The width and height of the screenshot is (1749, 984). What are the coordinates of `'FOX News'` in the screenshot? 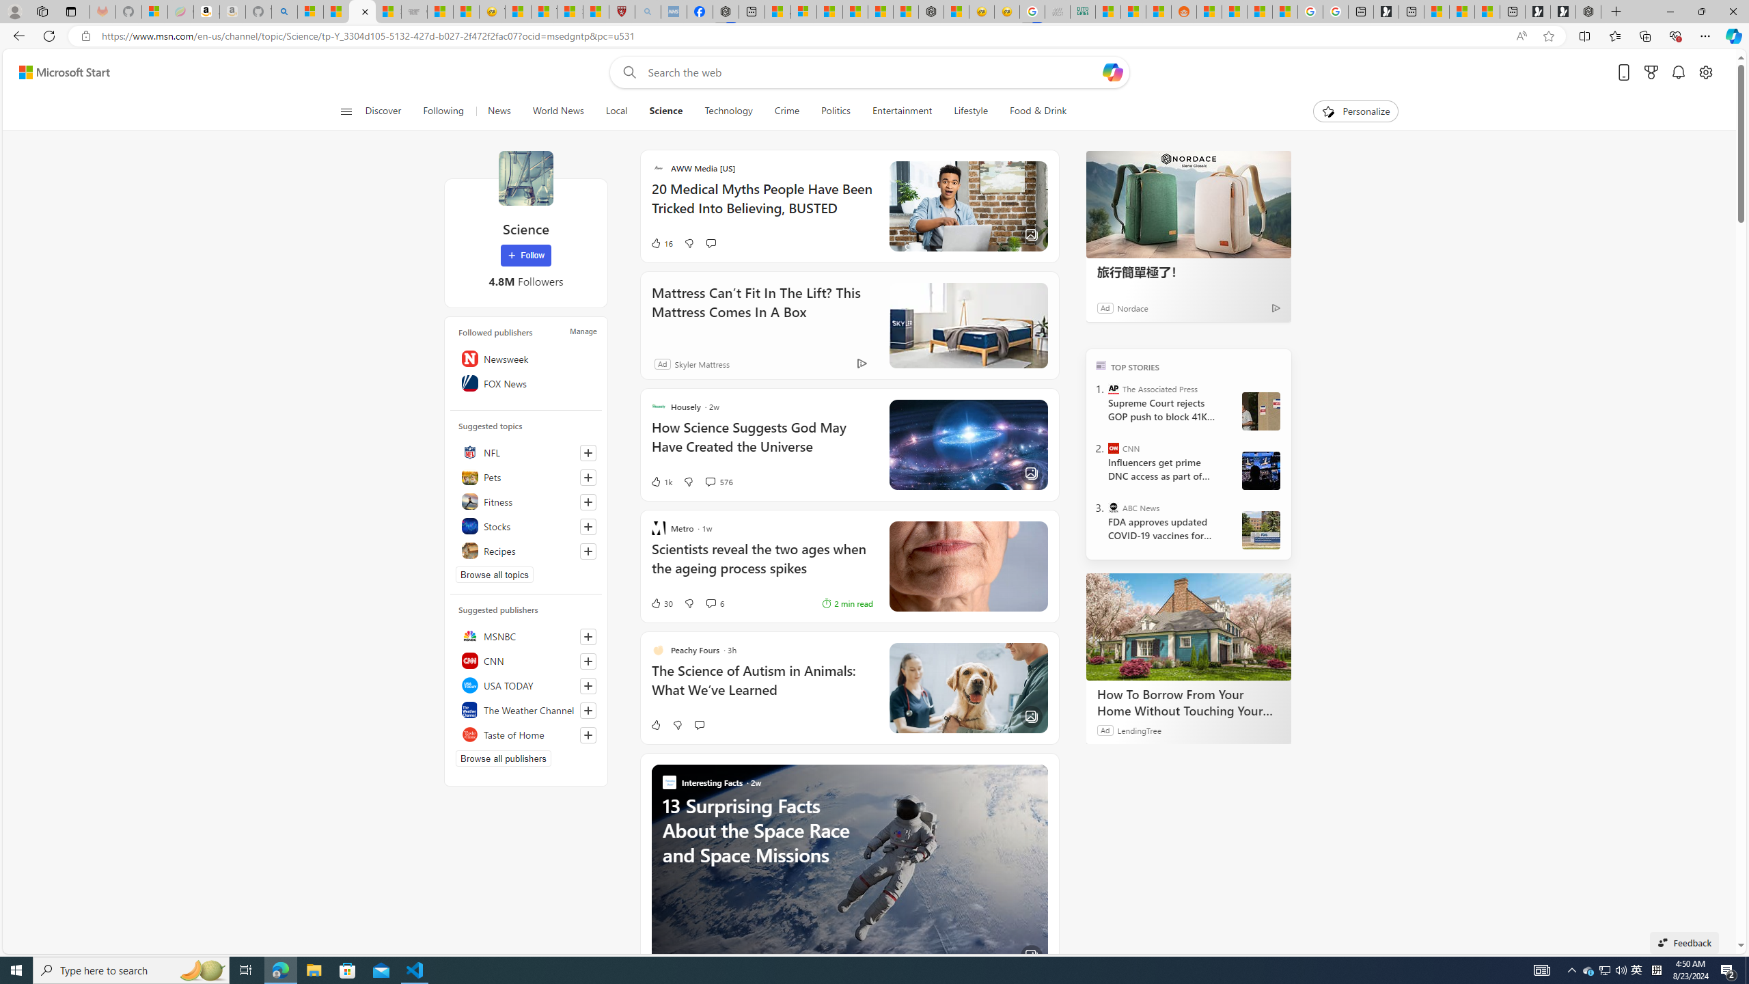 It's located at (526, 382).